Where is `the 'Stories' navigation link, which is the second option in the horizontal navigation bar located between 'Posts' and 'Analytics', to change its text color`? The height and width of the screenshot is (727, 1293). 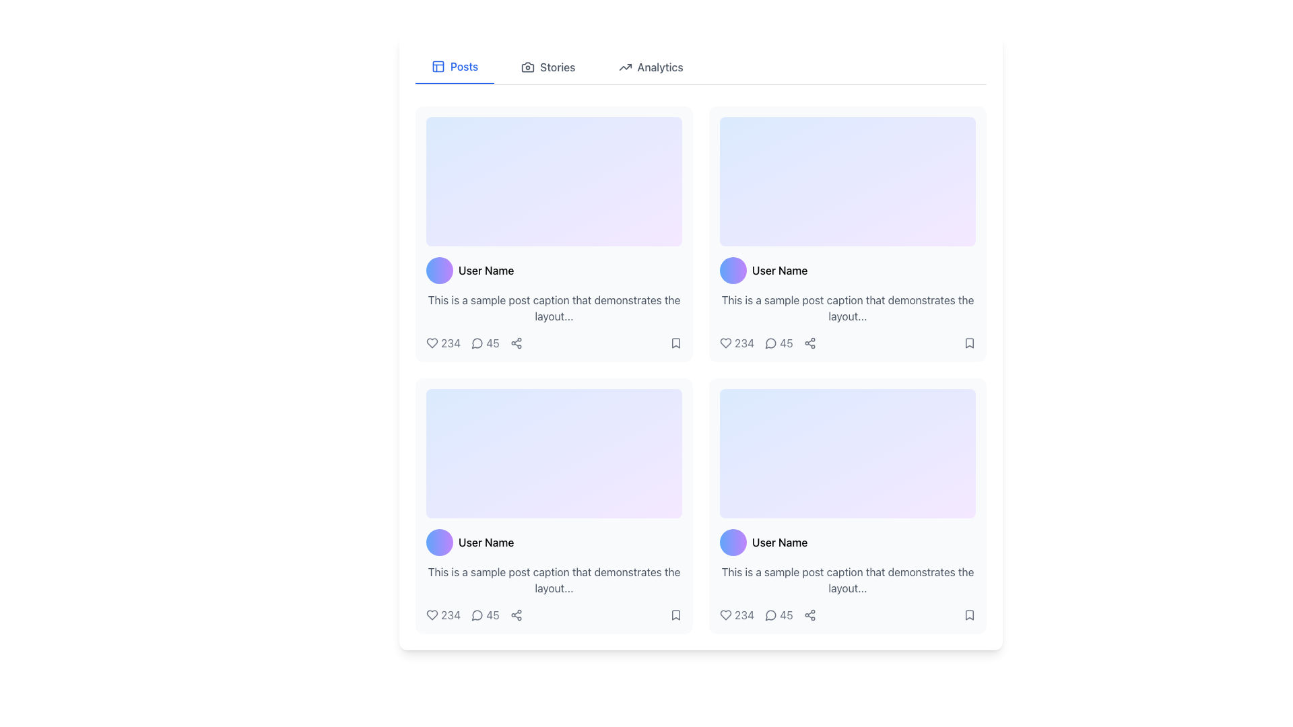 the 'Stories' navigation link, which is the second option in the horizontal navigation bar located between 'Posts' and 'Analytics', to change its text color is located at coordinates (548, 67).